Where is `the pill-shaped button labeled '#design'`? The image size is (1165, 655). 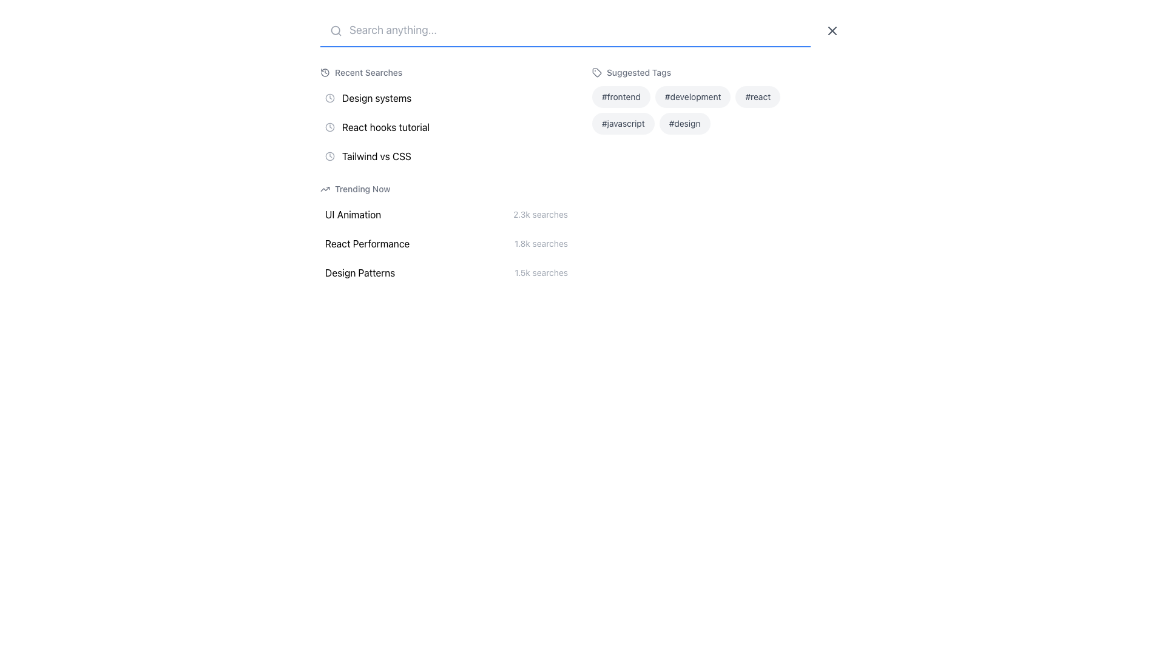
the pill-shaped button labeled '#design' is located at coordinates (684, 124).